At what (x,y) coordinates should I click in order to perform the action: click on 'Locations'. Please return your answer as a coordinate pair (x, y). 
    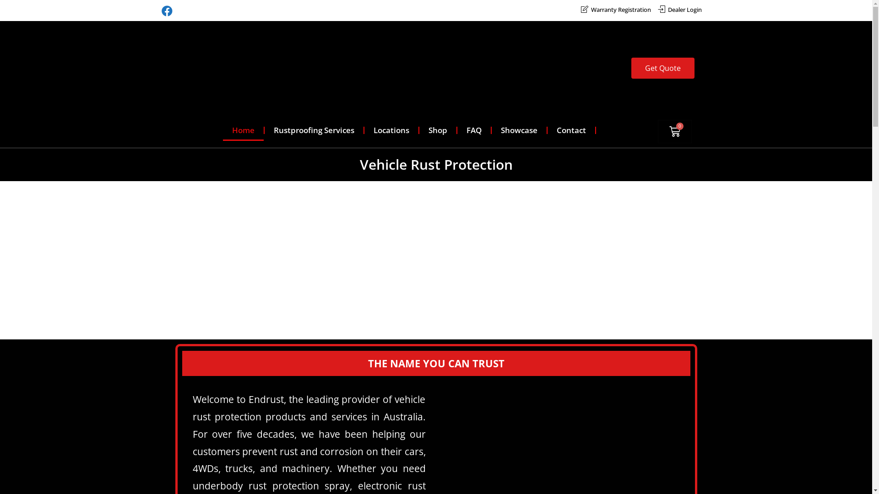
    Looking at the image, I should click on (391, 130).